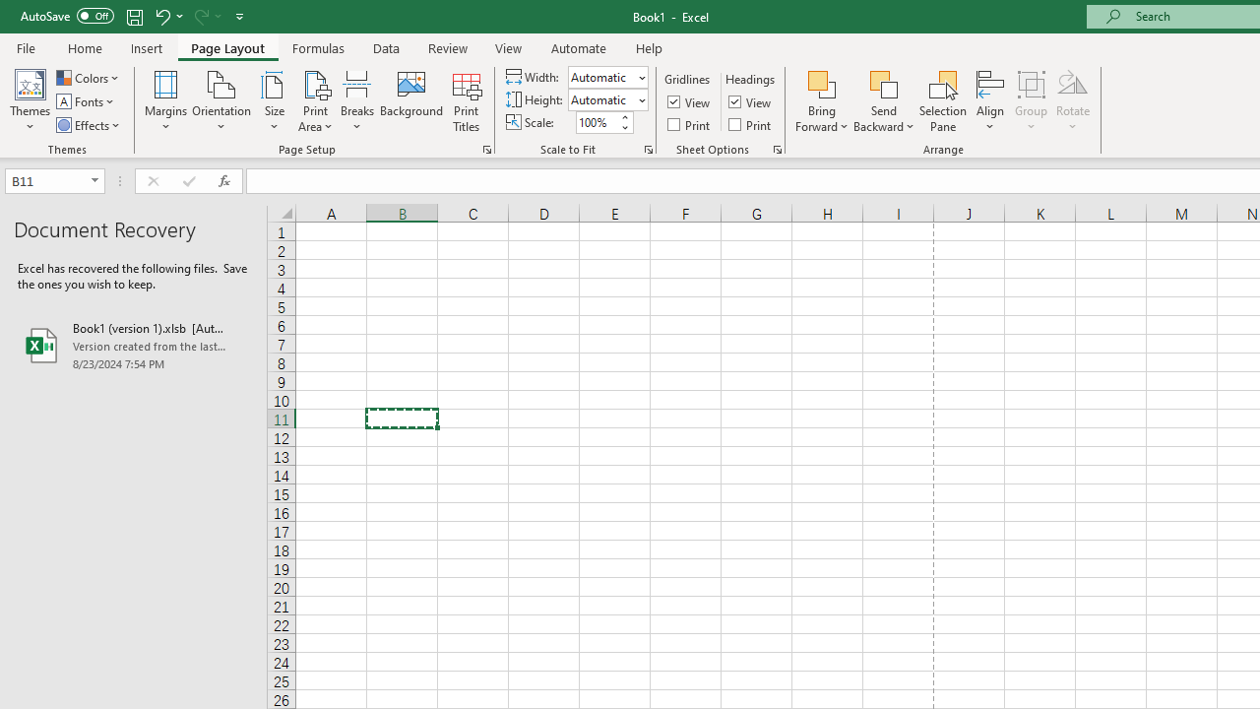  What do you see at coordinates (607, 99) in the screenshot?
I see `'Height'` at bounding box center [607, 99].